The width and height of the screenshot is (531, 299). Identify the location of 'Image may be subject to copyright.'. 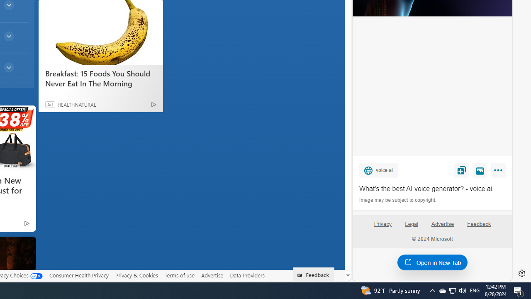
(398, 200).